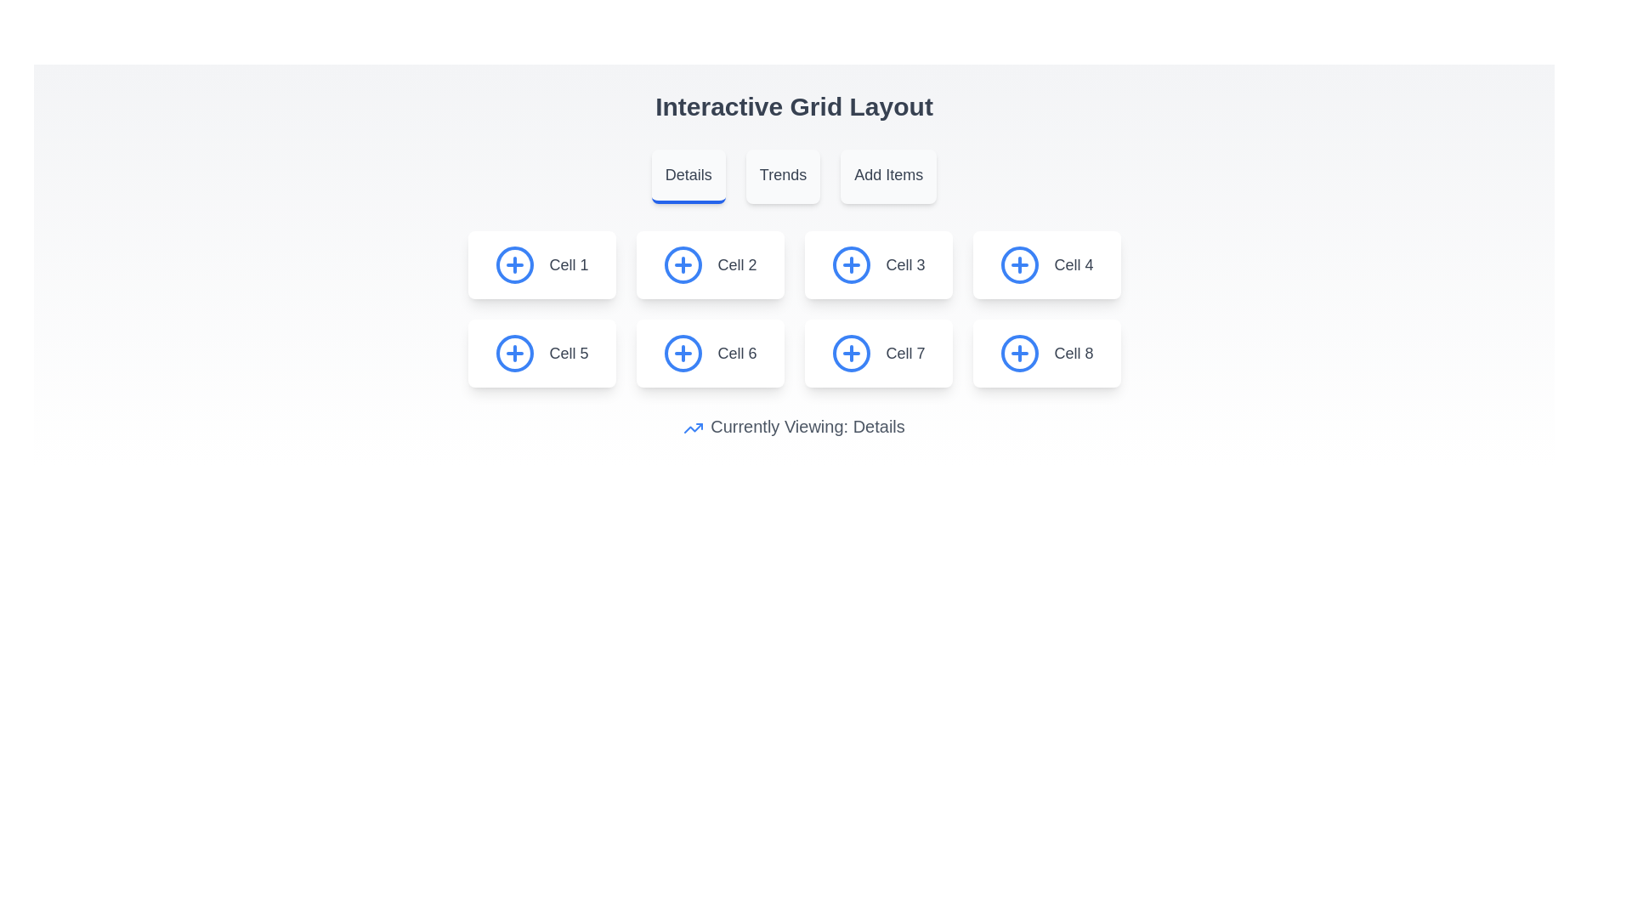 This screenshot has height=918, width=1632. What do you see at coordinates (514, 353) in the screenshot?
I see `the circular icon button with a blue plus sign located in the card labeled 'Cell 5' in the second row of the interactive grid layout` at bounding box center [514, 353].